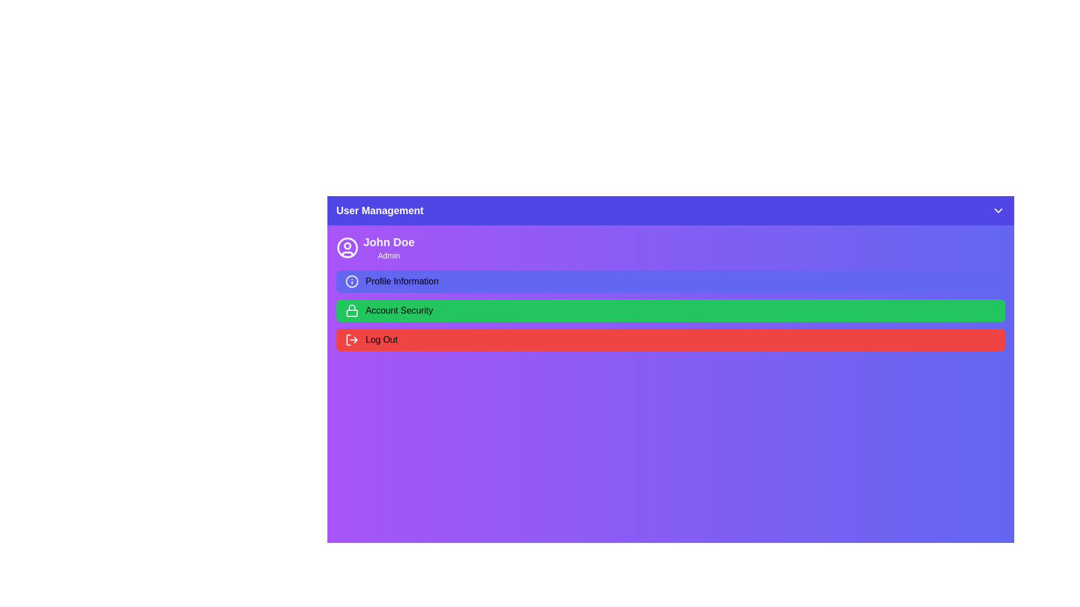 This screenshot has width=1080, height=607. What do you see at coordinates (670, 310) in the screenshot?
I see `the 'Account Security' option in the UserPanel` at bounding box center [670, 310].